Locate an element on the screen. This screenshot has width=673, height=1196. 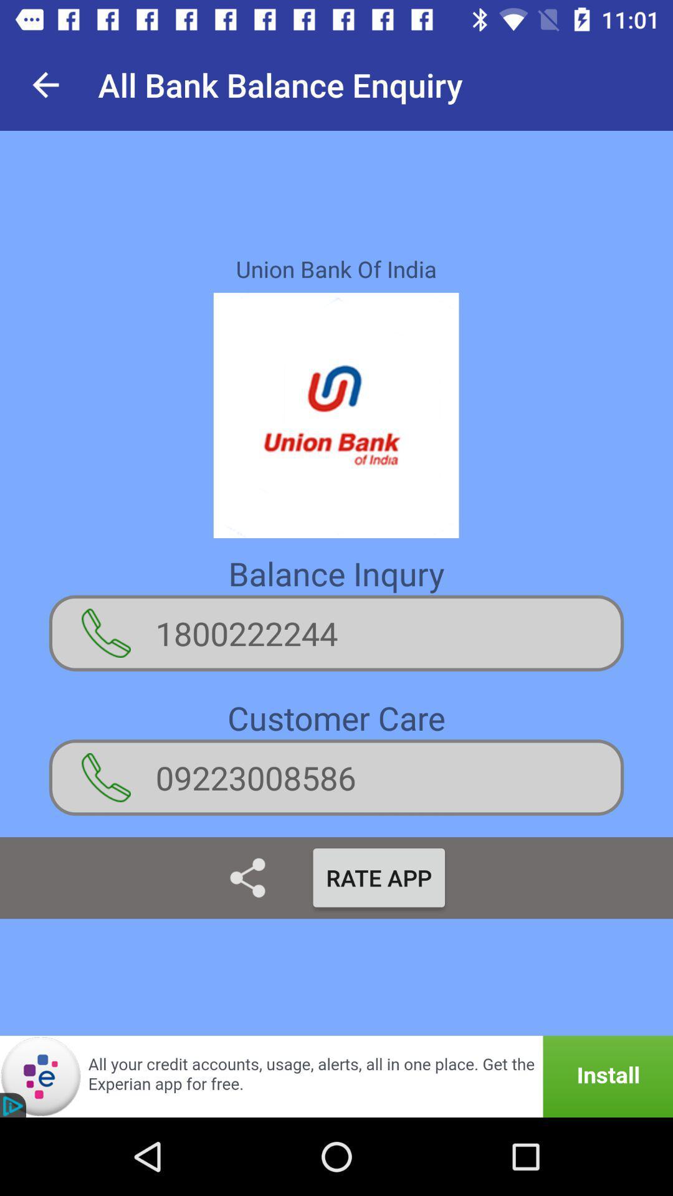
item next to the all bank balance item is located at coordinates (45, 84).